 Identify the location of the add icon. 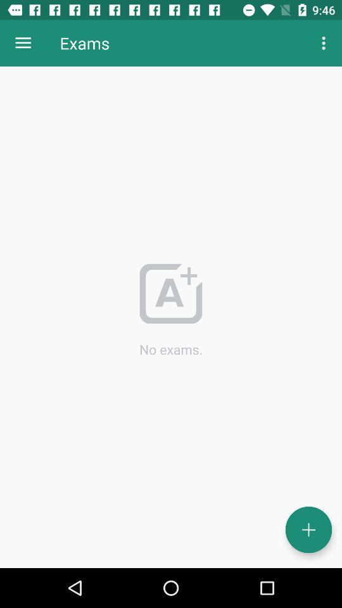
(308, 529).